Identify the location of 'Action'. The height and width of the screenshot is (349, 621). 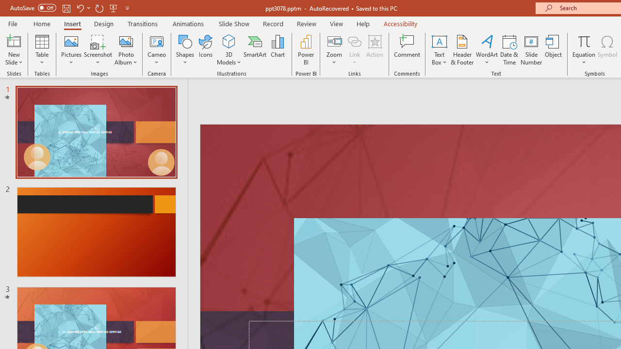
(375, 50).